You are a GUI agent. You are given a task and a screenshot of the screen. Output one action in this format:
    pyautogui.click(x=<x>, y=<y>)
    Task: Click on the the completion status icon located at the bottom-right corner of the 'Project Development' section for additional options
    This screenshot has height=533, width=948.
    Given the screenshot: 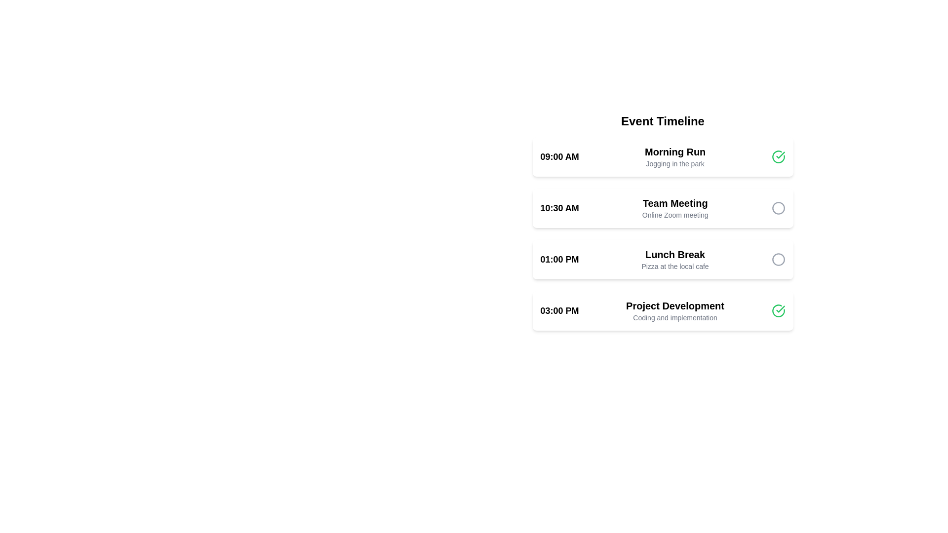 What is the action you would take?
    pyautogui.click(x=778, y=310)
    